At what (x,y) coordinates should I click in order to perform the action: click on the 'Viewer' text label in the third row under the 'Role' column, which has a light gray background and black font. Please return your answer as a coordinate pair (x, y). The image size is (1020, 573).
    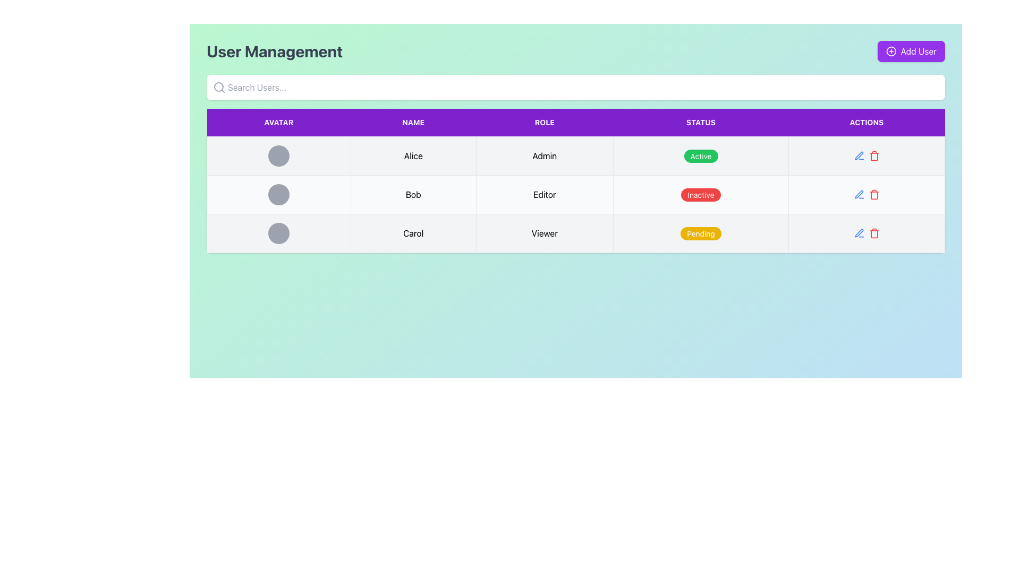
    Looking at the image, I should click on (545, 232).